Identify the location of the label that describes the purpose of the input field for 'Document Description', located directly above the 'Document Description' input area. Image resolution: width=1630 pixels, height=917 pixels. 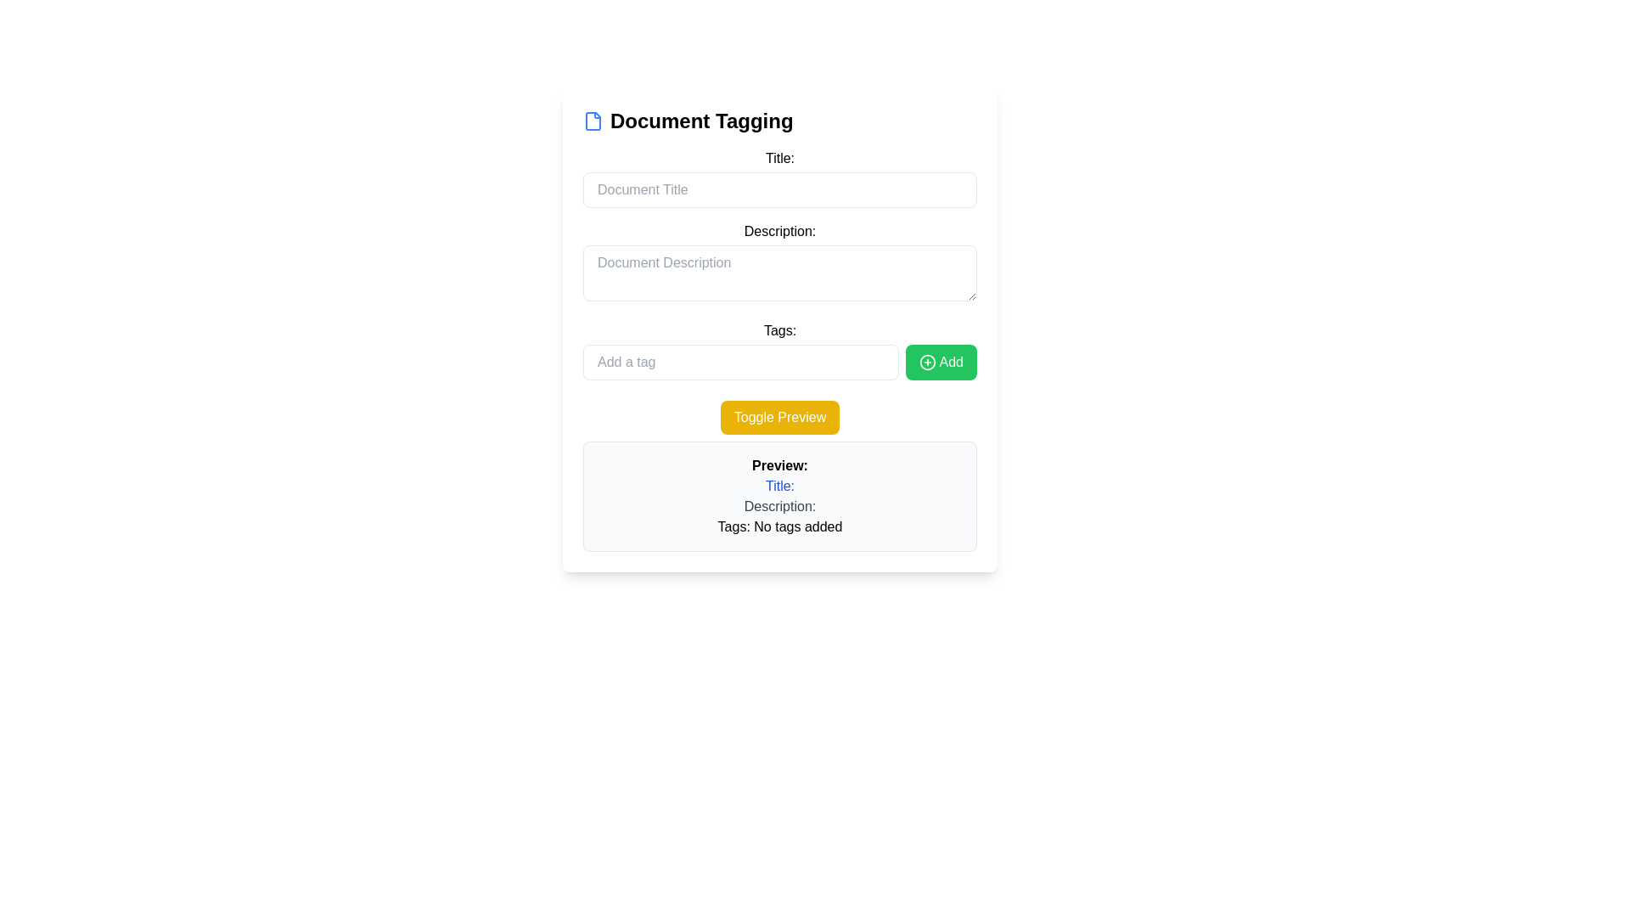
(778, 232).